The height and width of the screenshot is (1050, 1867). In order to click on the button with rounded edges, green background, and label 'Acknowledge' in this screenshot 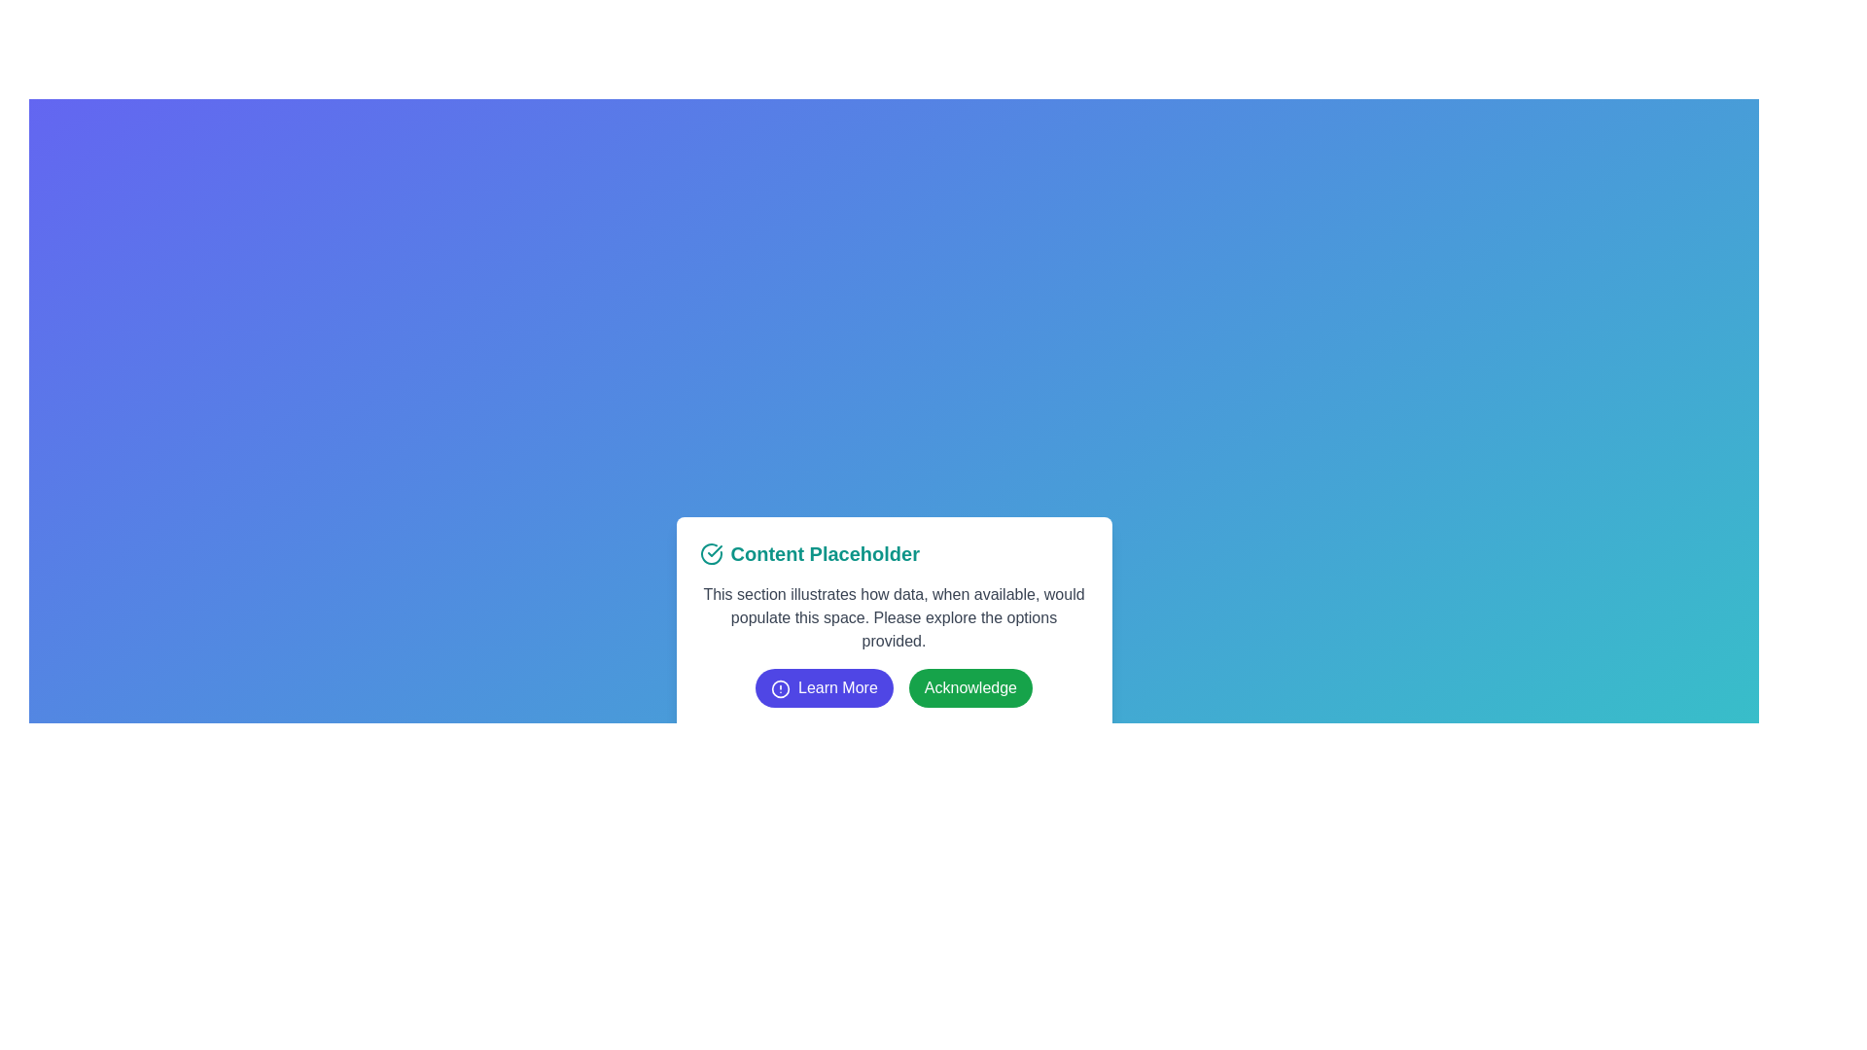, I will do `click(970, 687)`.